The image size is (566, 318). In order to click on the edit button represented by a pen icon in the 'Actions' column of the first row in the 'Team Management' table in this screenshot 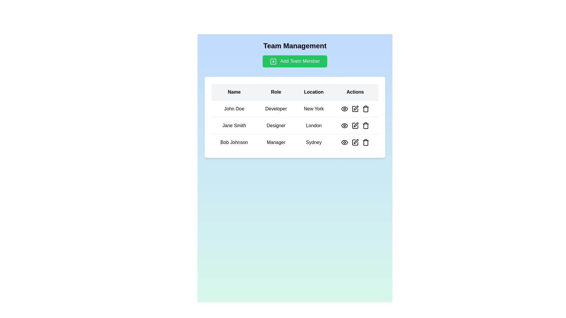, I will do `click(355, 109)`.